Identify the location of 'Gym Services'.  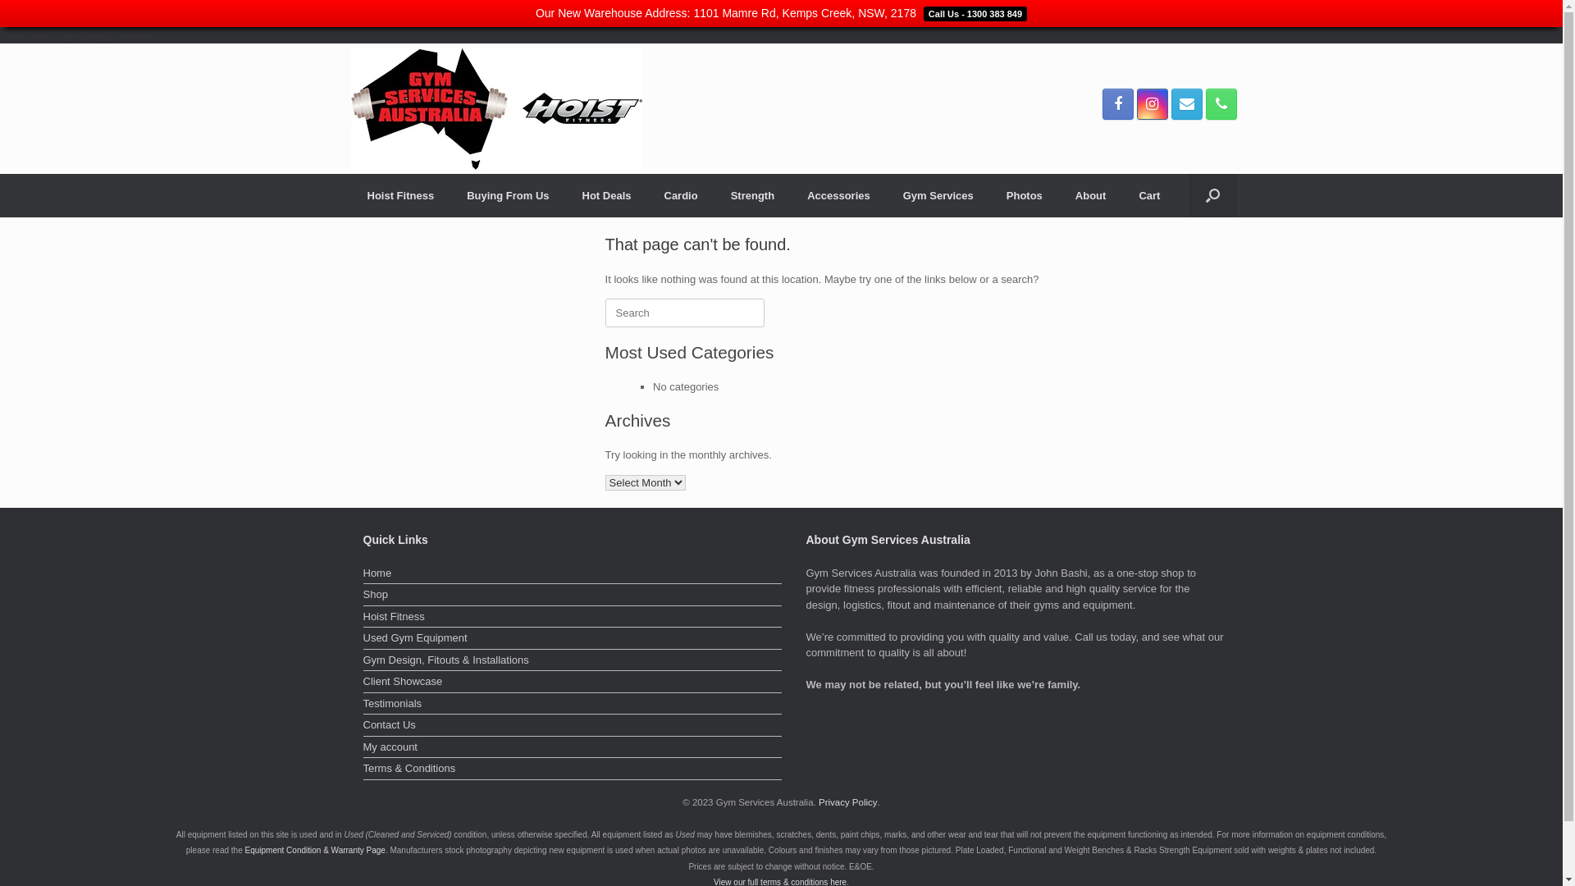
(938, 194).